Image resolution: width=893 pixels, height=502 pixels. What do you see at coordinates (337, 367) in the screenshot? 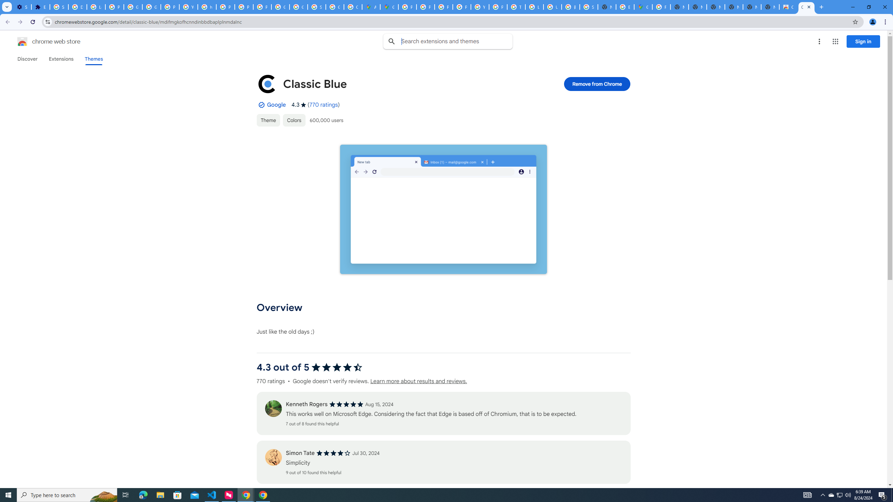
I see `'4.3 out of 5 stars'` at bounding box center [337, 367].